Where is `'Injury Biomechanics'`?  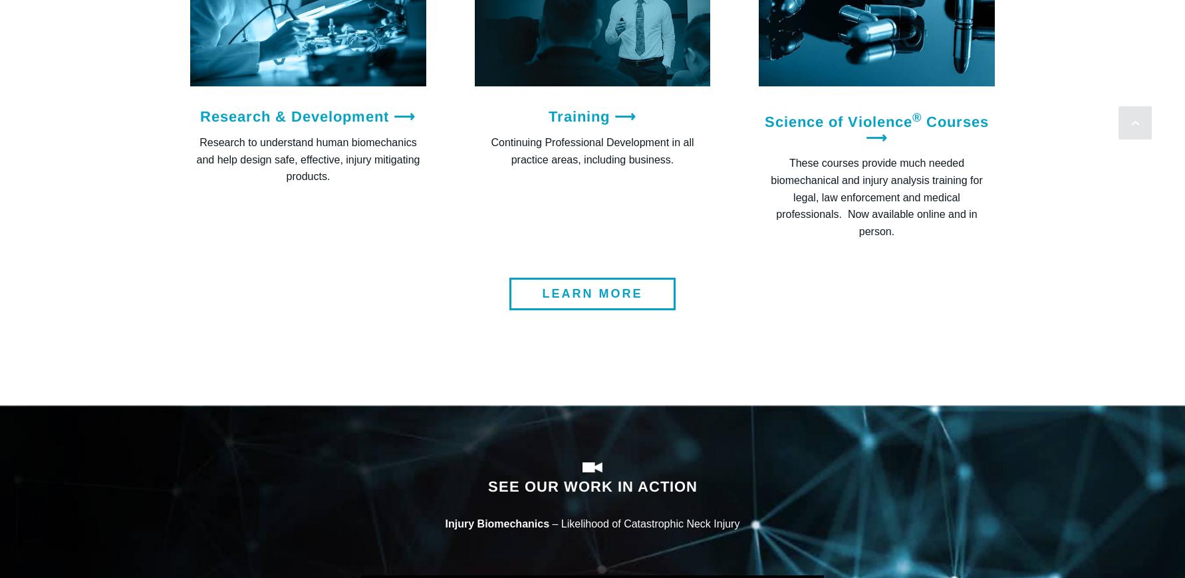
'Injury Biomechanics' is located at coordinates (497, 523).